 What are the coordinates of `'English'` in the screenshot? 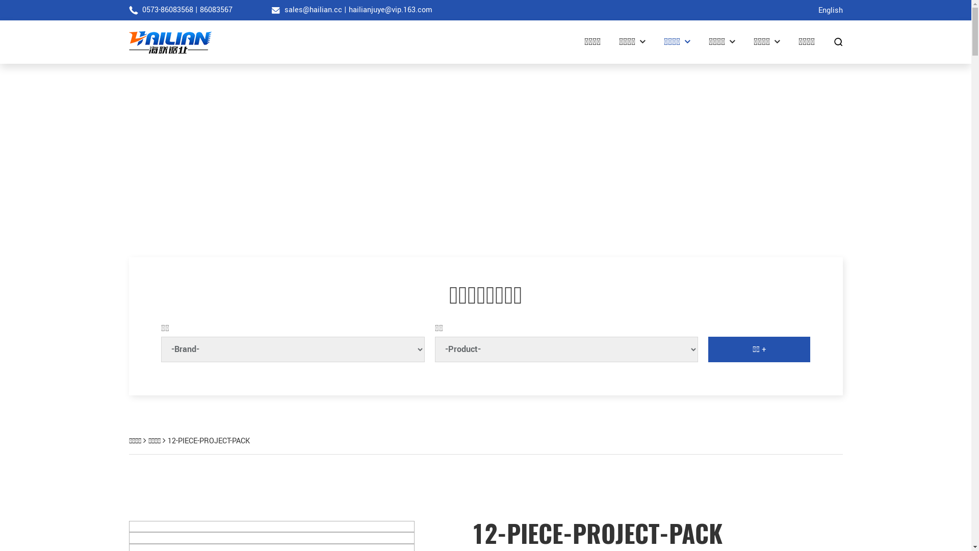 It's located at (830, 10).